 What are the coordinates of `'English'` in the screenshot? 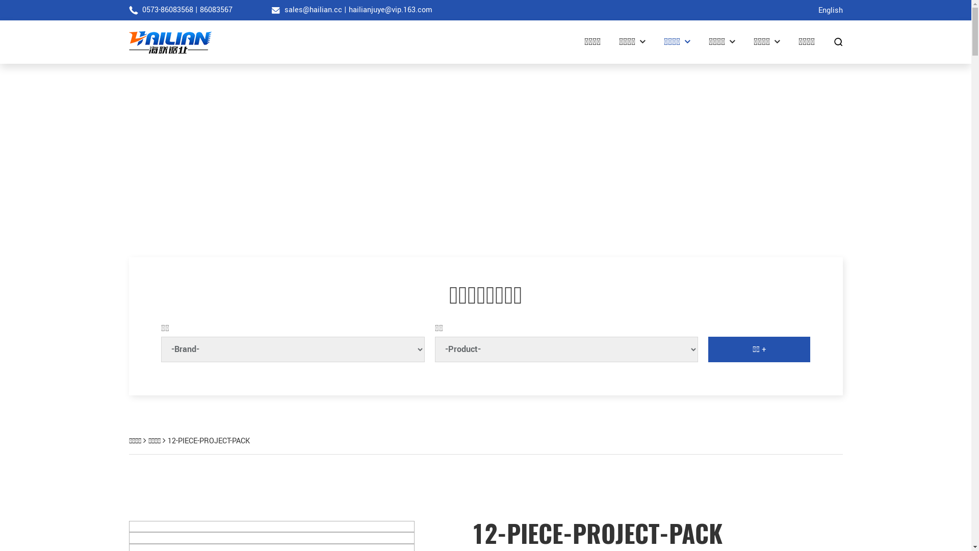 It's located at (830, 10).